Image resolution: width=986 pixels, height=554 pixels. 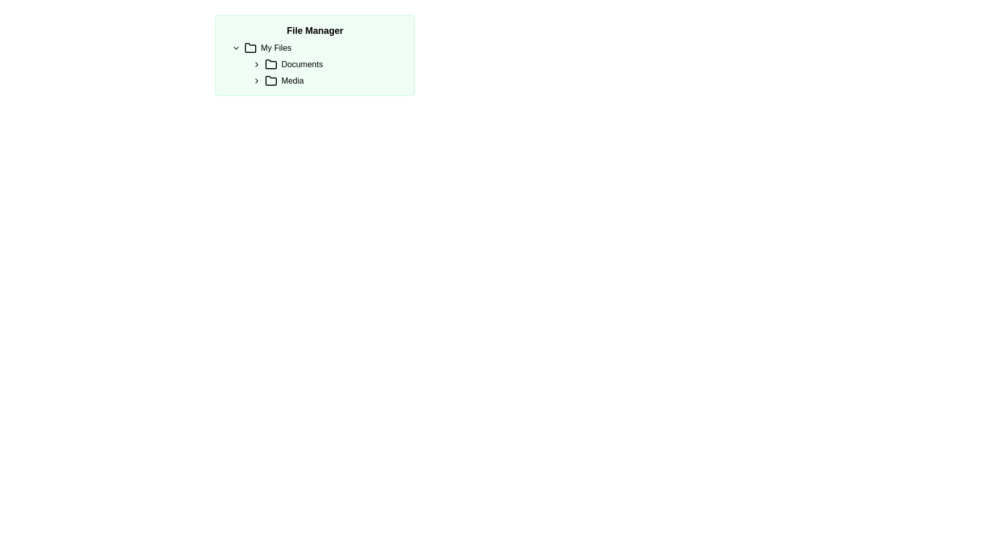 What do you see at coordinates (268, 48) in the screenshot?
I see `the 'My Files' Text and Icon Label element, which consists of a folder icon followed by the text in bold styling, located under the 'File Manager' header as the first item in the expandable folders list` at bounding box center [268, 48].